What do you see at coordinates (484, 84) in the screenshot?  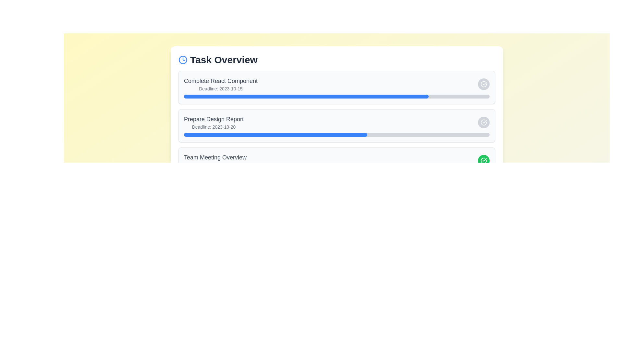 I see `the circular button with a gray background and a white check symbol, located at the top-right area of the task list modal` at bounding box center [484, 84].